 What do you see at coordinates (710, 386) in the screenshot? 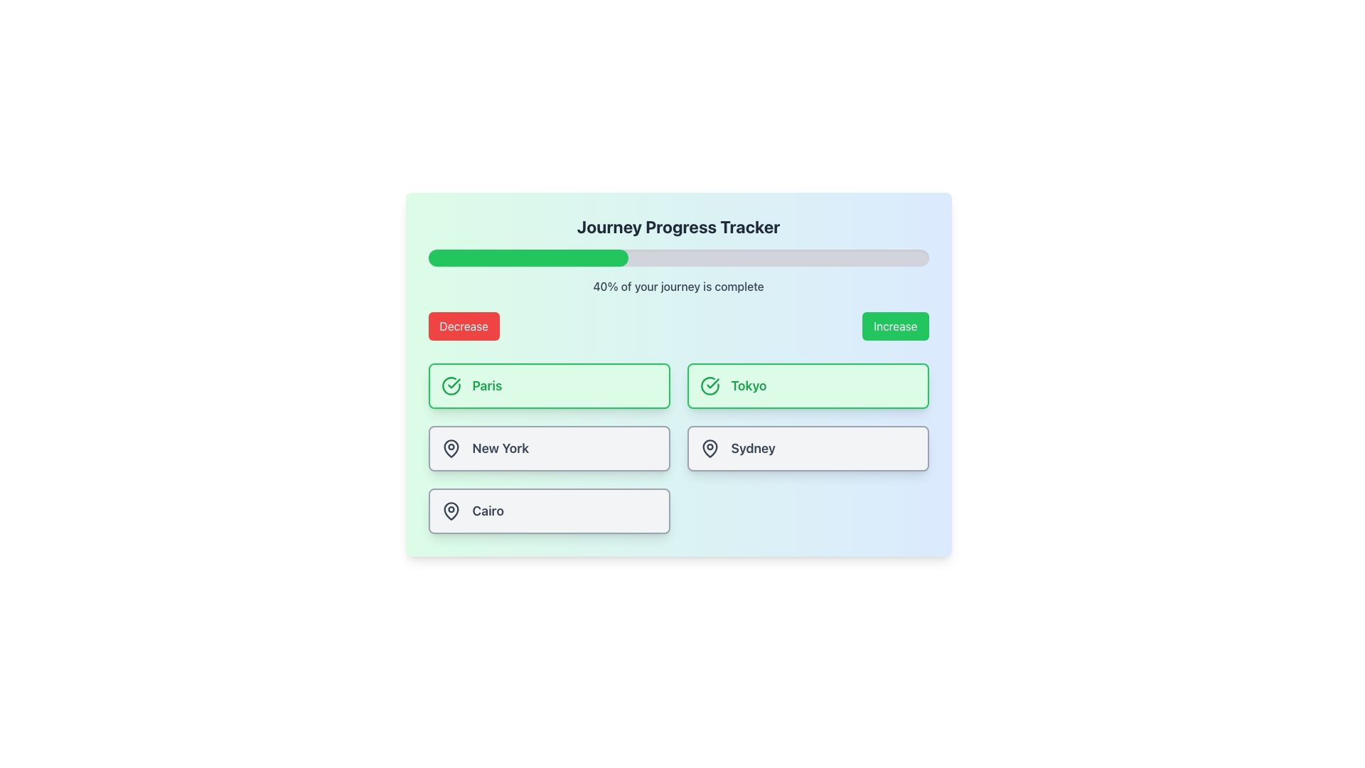
I see `the visual indicator icon representing the selected or completed status for the 'Tokyo' option, which is located to the left of the 'Tokyo' text` at bounding box center [710, 386].